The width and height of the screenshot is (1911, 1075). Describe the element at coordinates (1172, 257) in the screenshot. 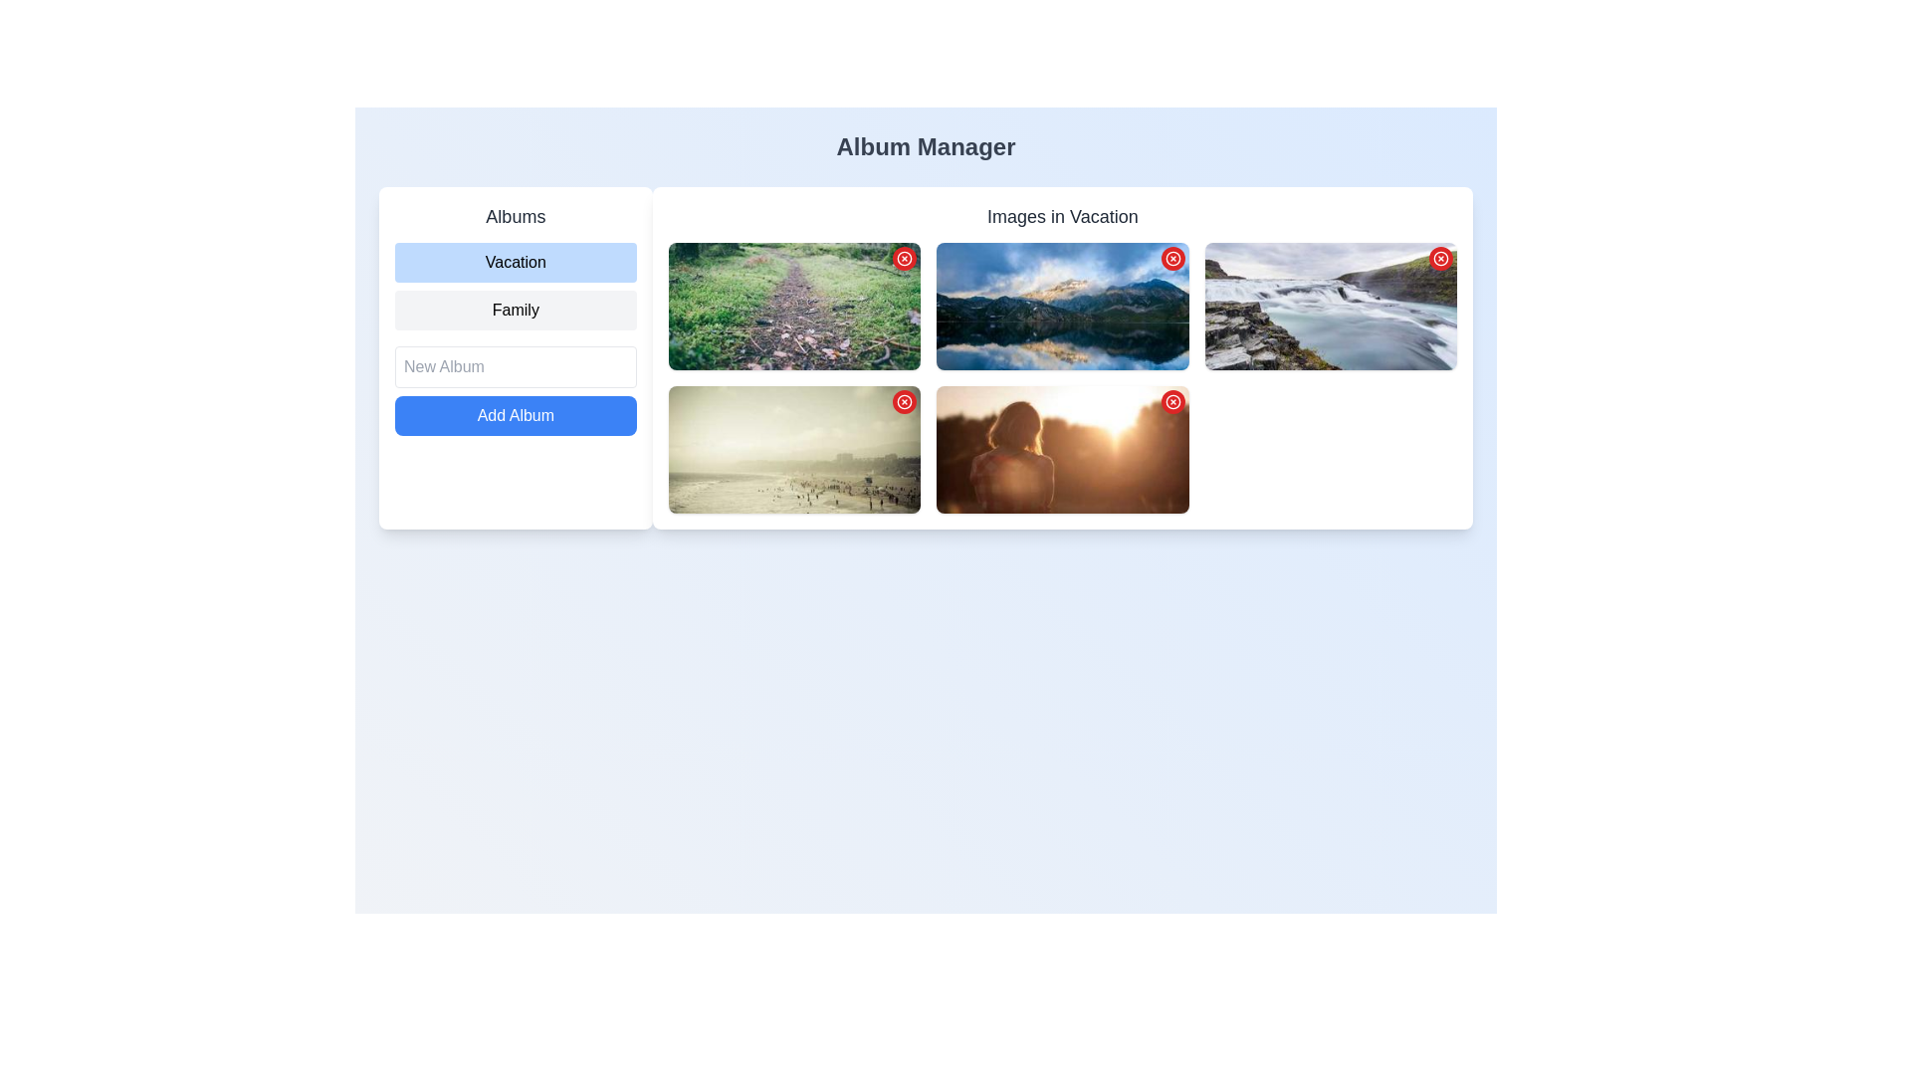

I see `the circular red button with a white border and 'X' icon located at the top-right corner of the second image in the 'Images in Vacation' section` at that location.